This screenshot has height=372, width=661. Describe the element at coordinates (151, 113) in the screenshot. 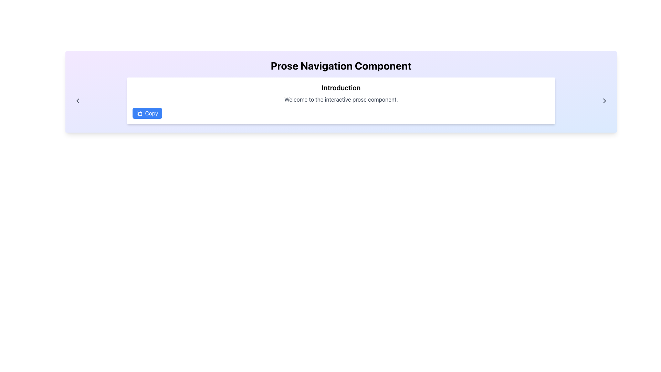

I see `text label 'Copy' located inside the button positioned in the top-left region of the white content box, to the right of the clipboard icon` at that location.